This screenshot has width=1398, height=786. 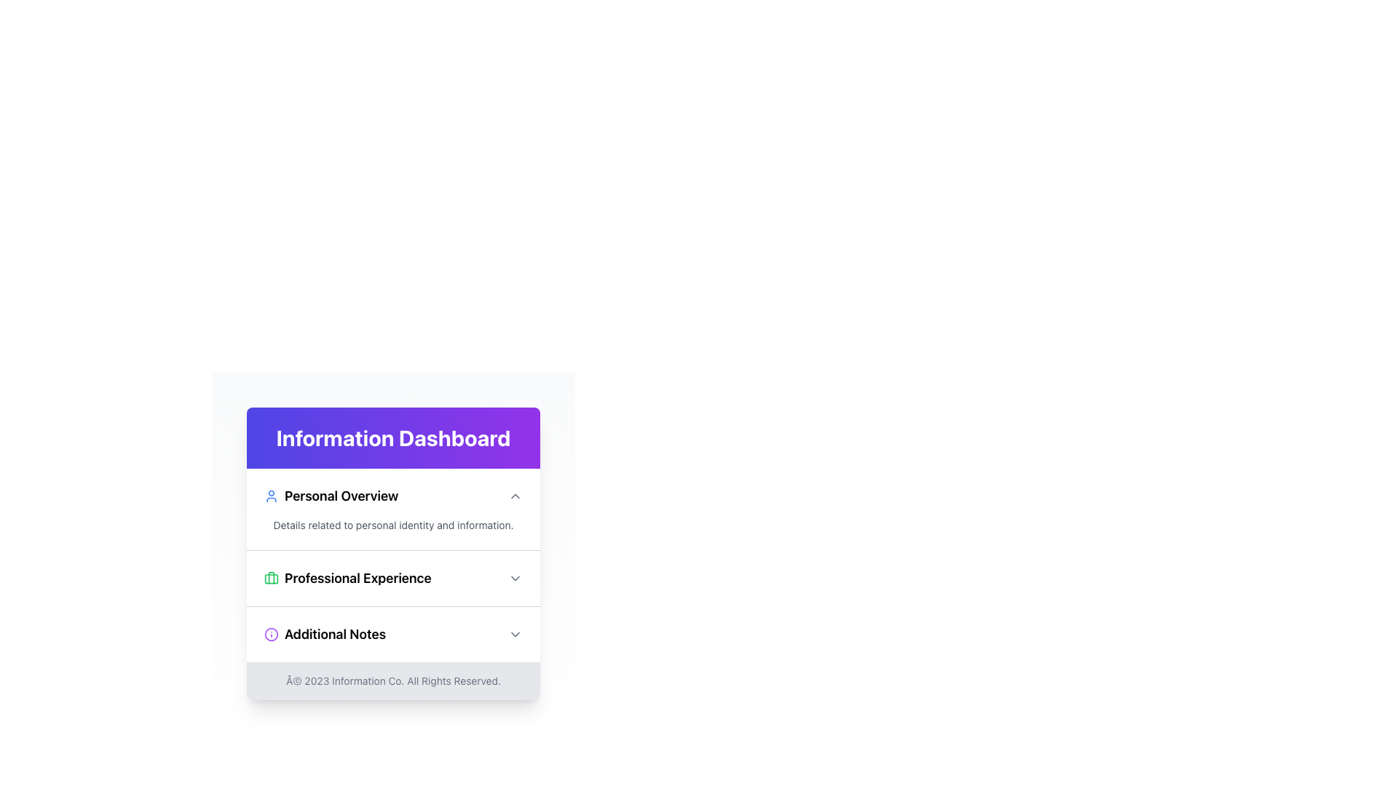 I want to click on the design of the circular icon with a purple hue and thin border, which is part of the 'Additional Notes' section heading, located to the left of the section title, so click(x=272, y=633).